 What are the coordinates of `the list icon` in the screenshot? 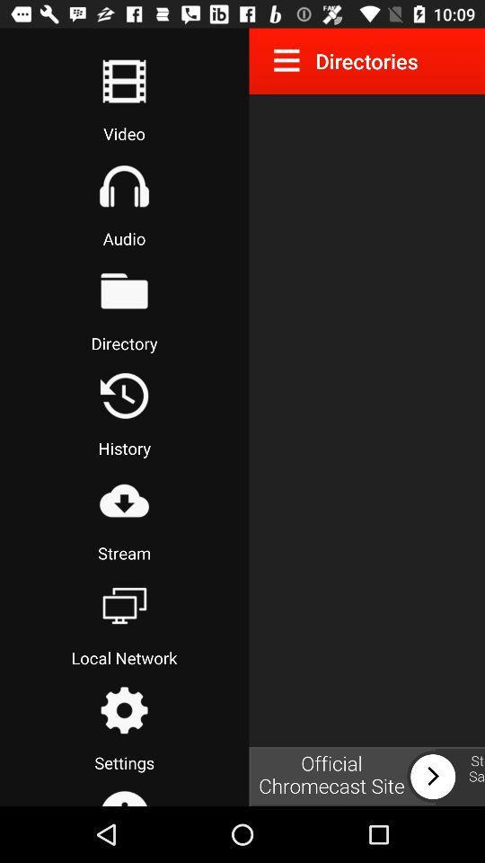 It's located at (123, 81).